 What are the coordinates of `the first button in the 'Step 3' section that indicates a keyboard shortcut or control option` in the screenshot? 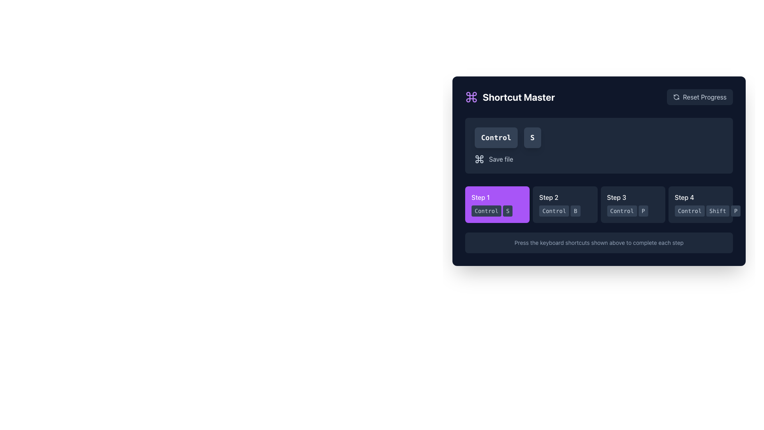 It's located at (622, 210).